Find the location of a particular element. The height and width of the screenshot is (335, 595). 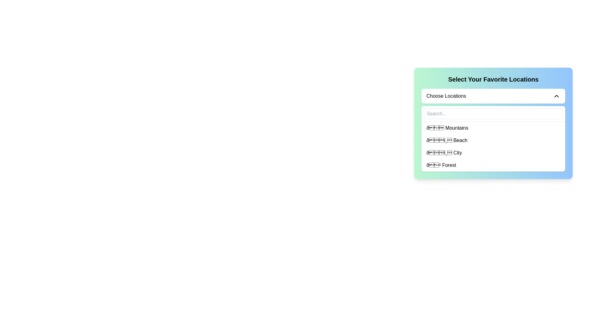

the toggle indicator icon located at the far-right end of the 'Choose Locations' header bar is located at coordinates (556, 96).